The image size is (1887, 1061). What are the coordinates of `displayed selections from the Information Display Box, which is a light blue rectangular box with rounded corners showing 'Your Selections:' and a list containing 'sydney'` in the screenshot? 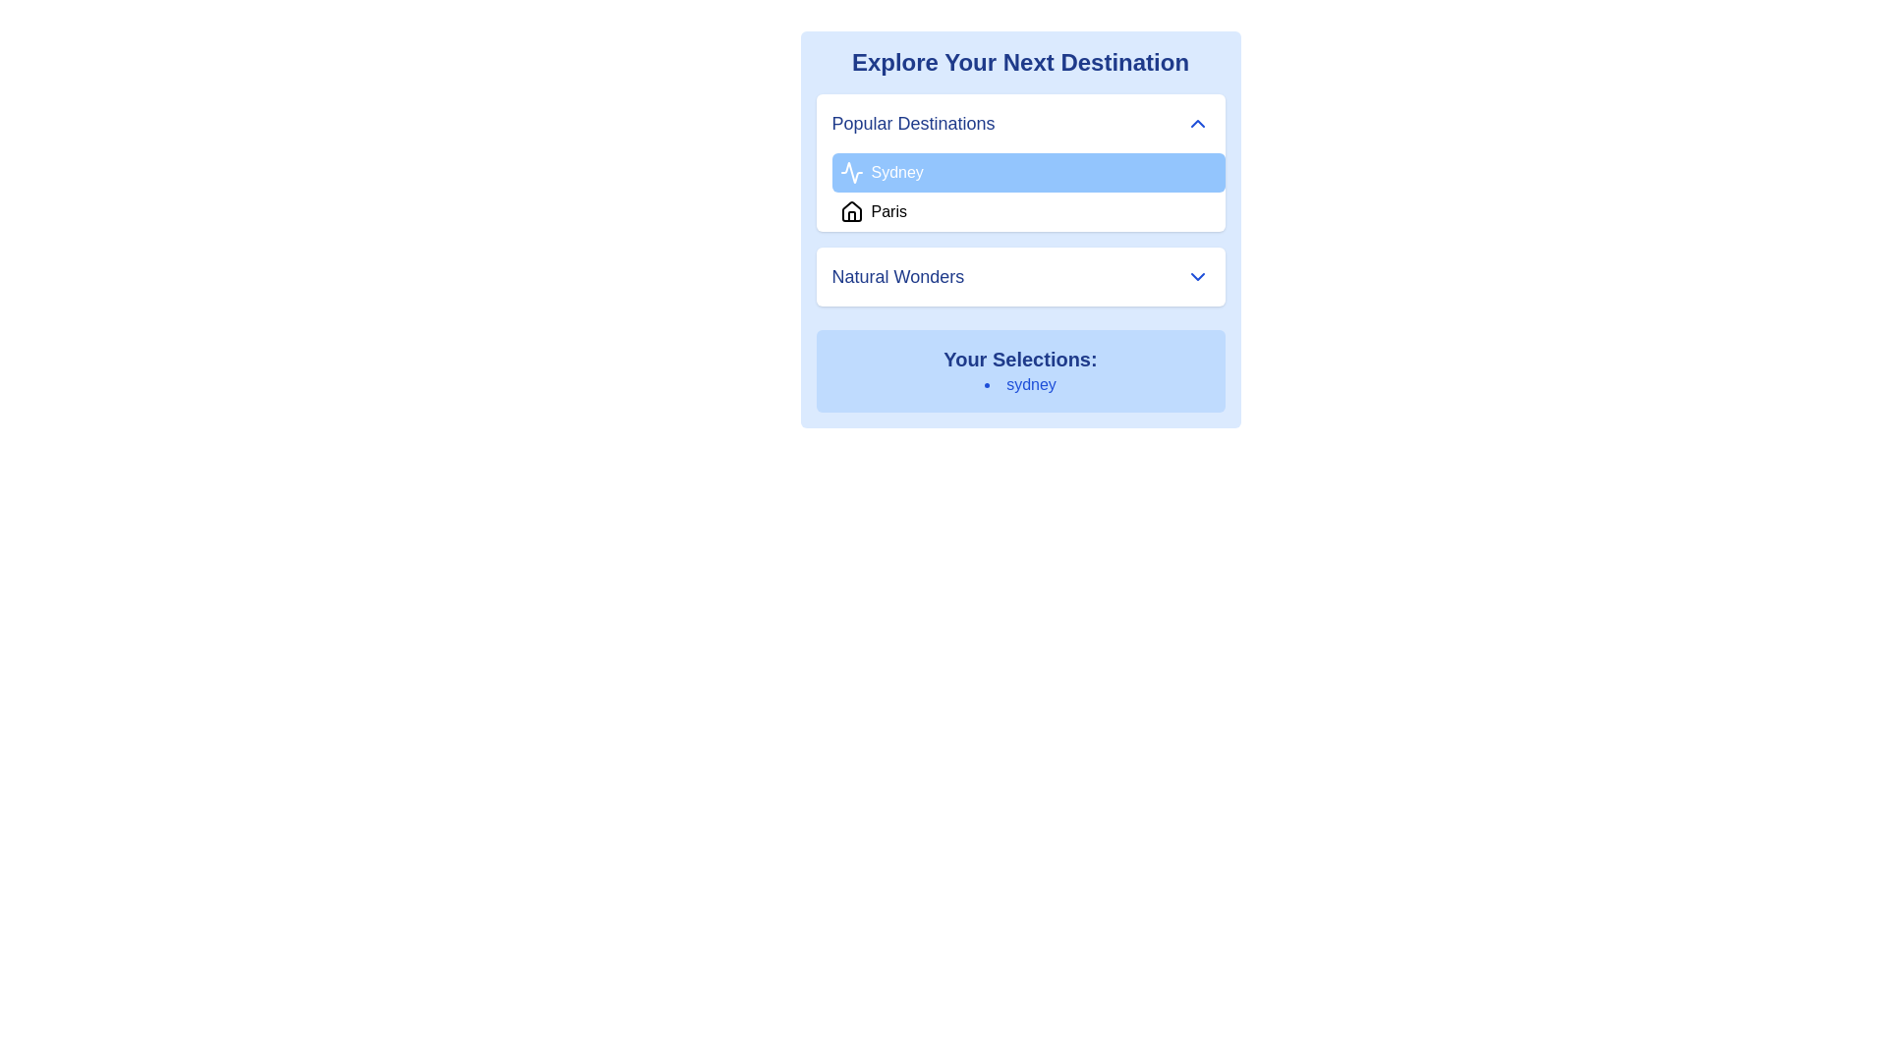 It's located at (1020, 371).